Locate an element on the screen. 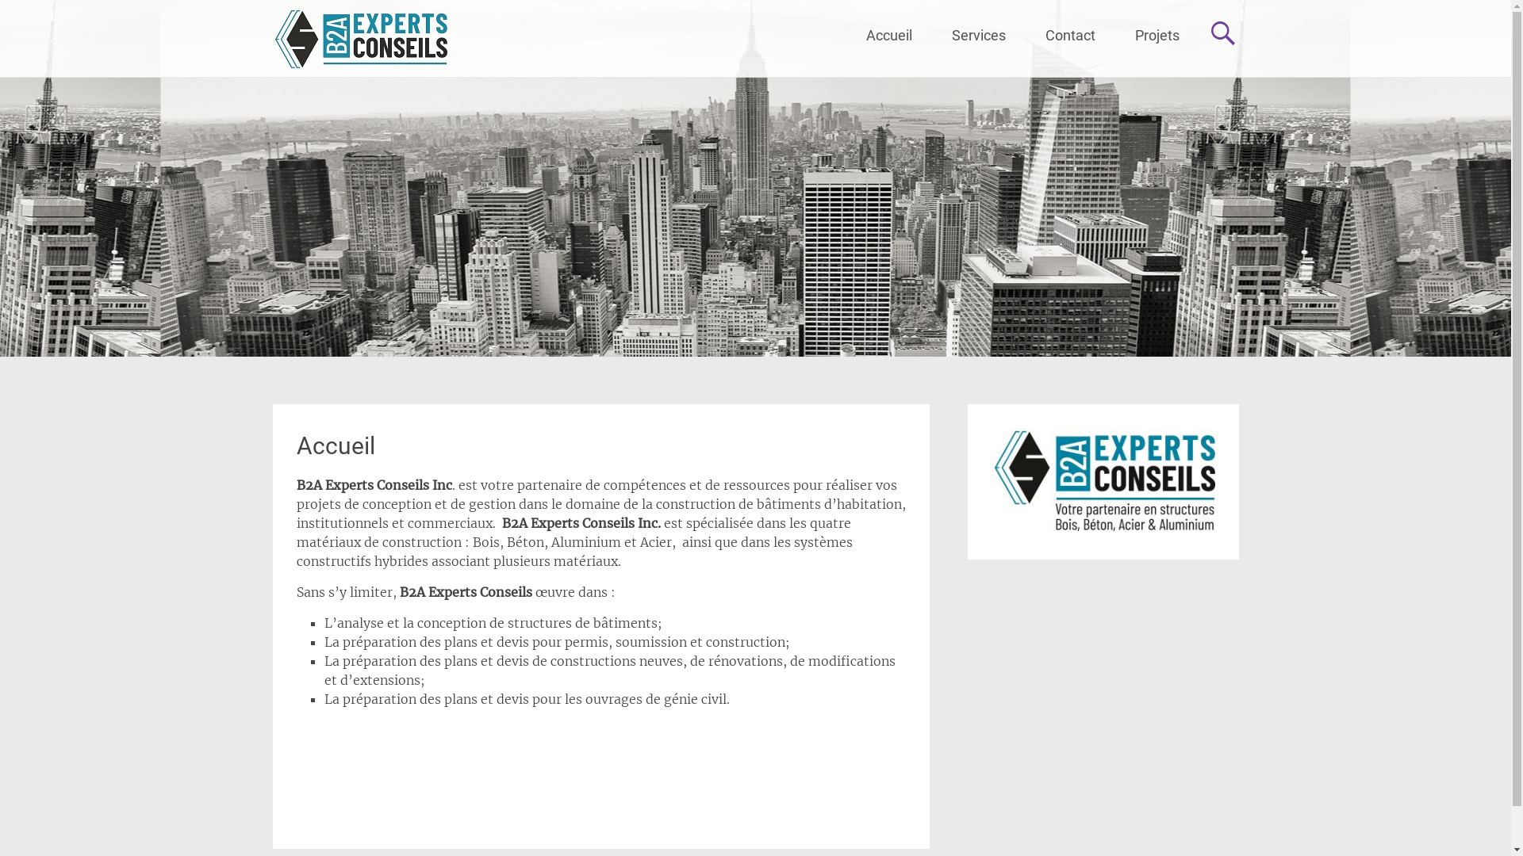 This screenshot has width=1523, height=856. 'Aller au contenu principal' is located at coordinates (865, 13).